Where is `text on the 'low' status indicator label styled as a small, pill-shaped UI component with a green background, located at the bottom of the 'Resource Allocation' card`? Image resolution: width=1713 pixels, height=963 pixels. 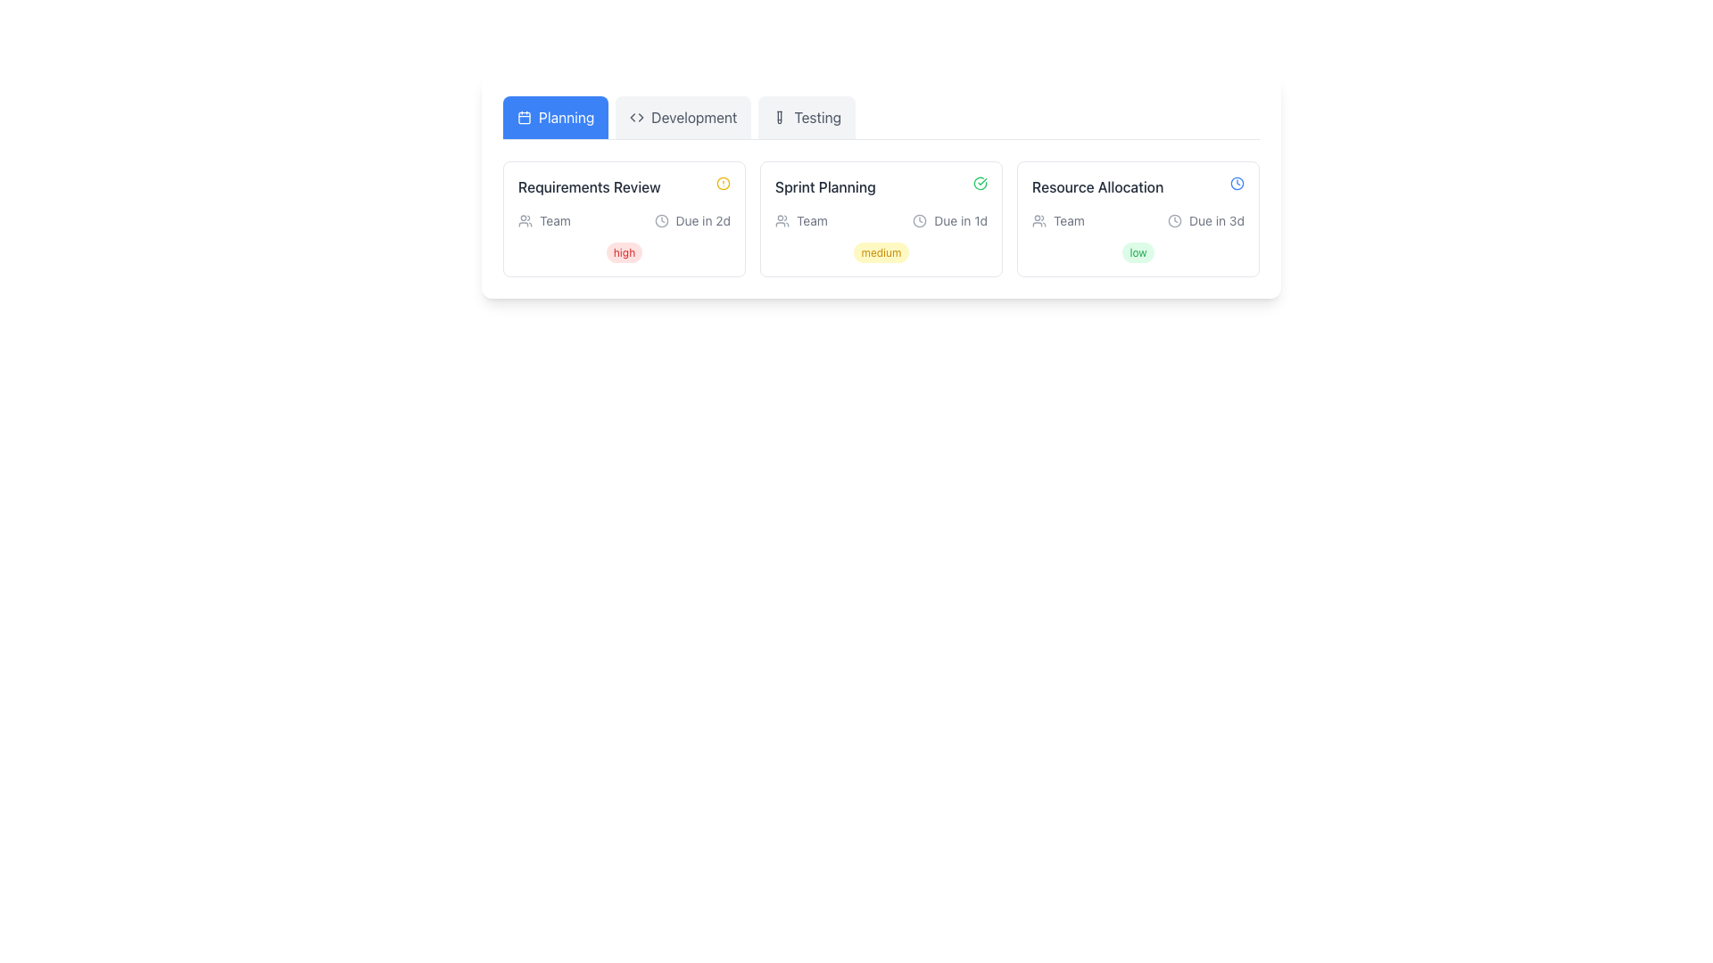
text on the 'low' status indicator label styled as a small, pill-shaped UI component with a green background, located at the bottom of the 'Resource Allocation' card is located at coordinates (1138, 251).